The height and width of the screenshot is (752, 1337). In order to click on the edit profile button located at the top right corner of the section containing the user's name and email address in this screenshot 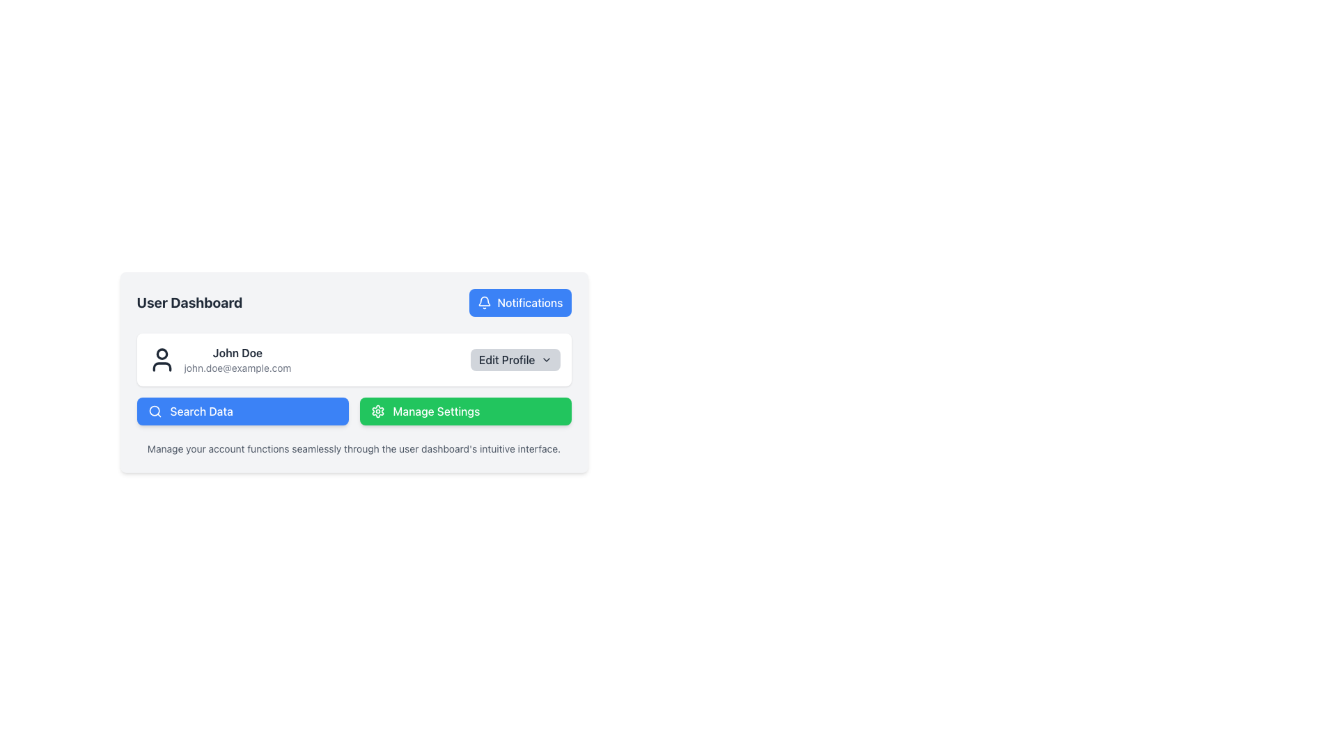, I will do `click(514, 359)`.